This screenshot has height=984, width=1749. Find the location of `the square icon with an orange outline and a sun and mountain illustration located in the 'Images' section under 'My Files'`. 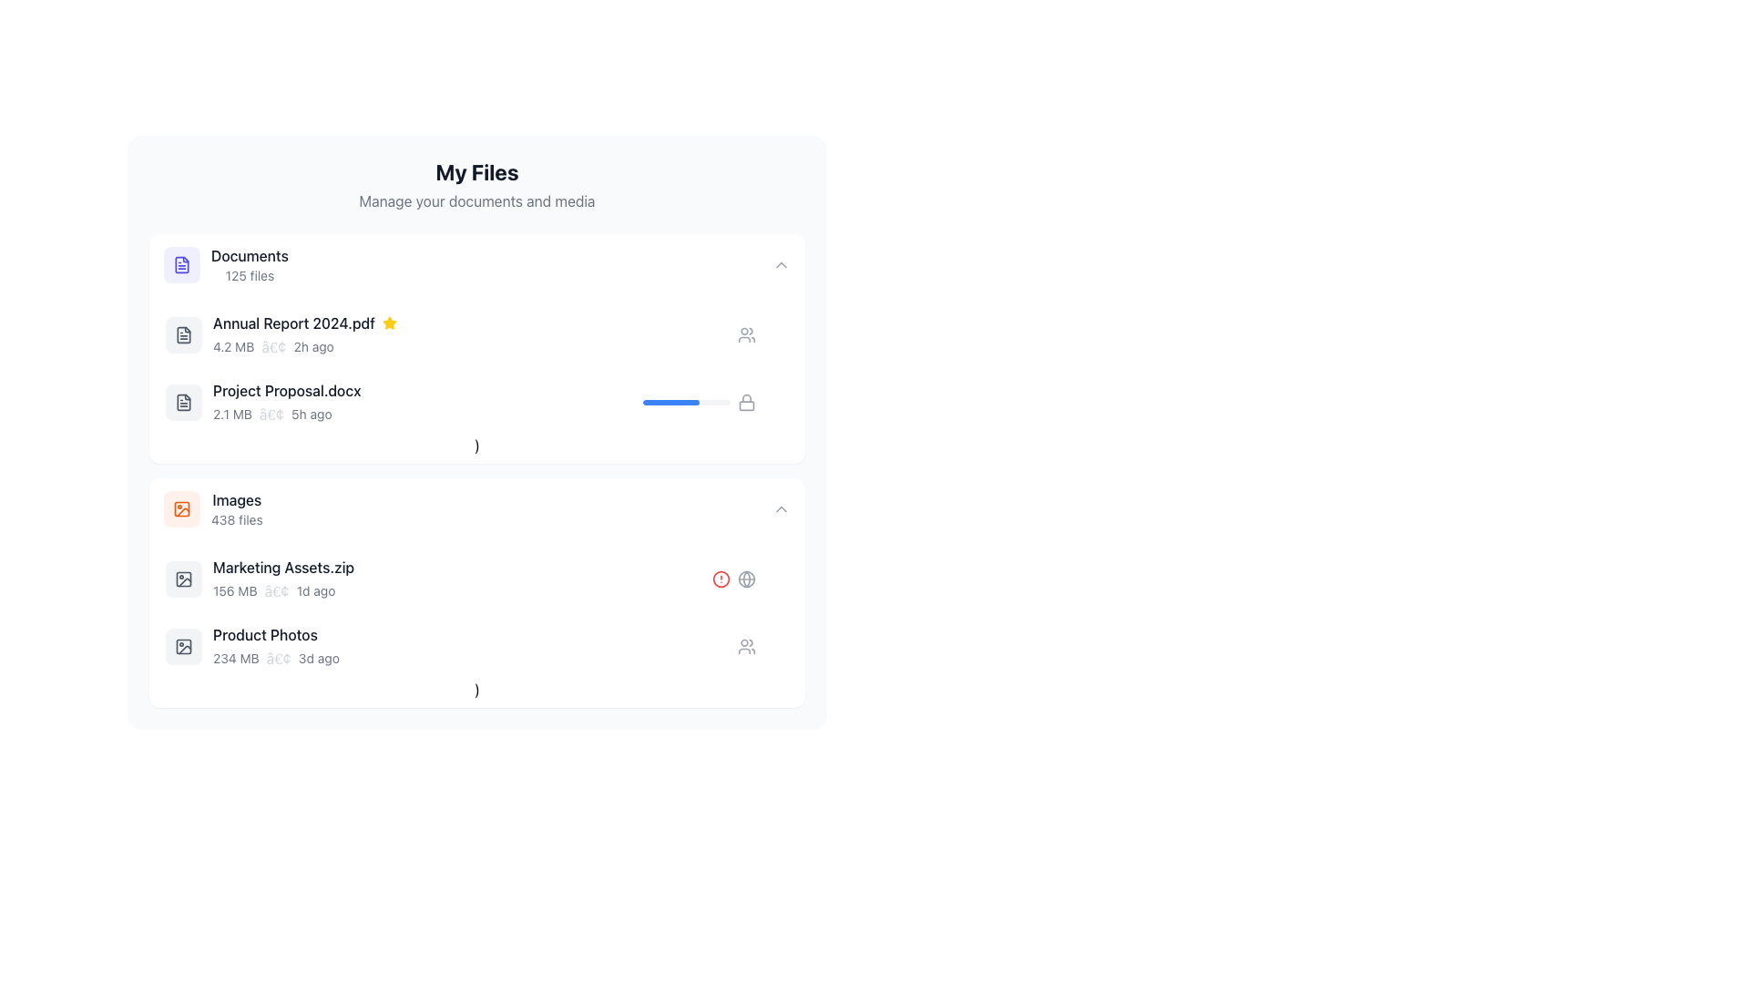

the square icon with an orange outline and a sun and mountain illustration located in the 'Images' section under 'My Files' is located at coordinates (182, 509).